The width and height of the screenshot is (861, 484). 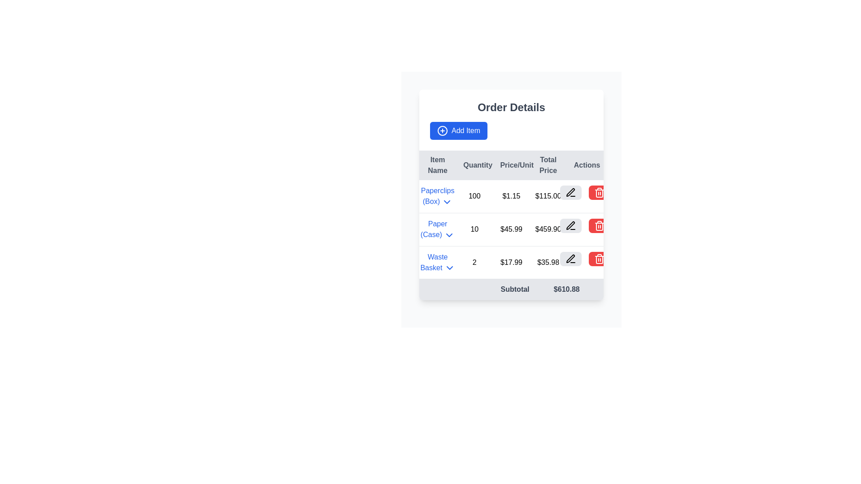 What do you see at coordinates (447, 202) in the screenshot?
I see `the downward-pointing chevron icon to the right of 'Paperclips (Box)' in the first row of the table` at bounding box center [447, 202].